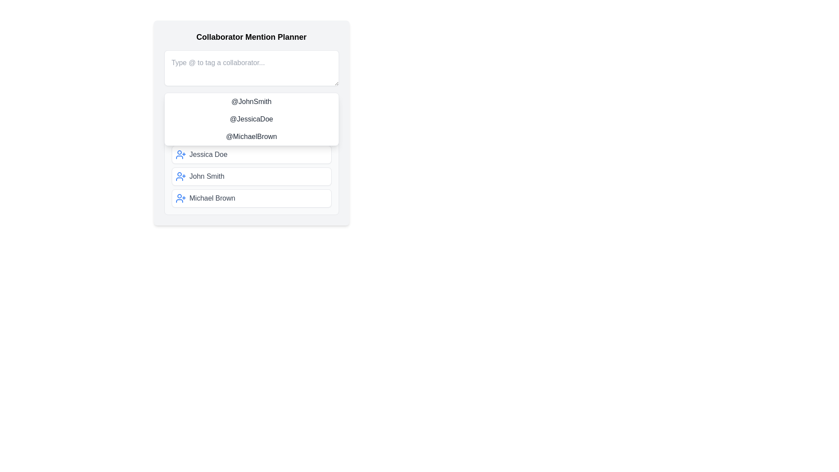 The height and width of the screenshot is (472, 839). I want to click on the mention '@JohnSmith' from the suggestion list, so click(251, 101).